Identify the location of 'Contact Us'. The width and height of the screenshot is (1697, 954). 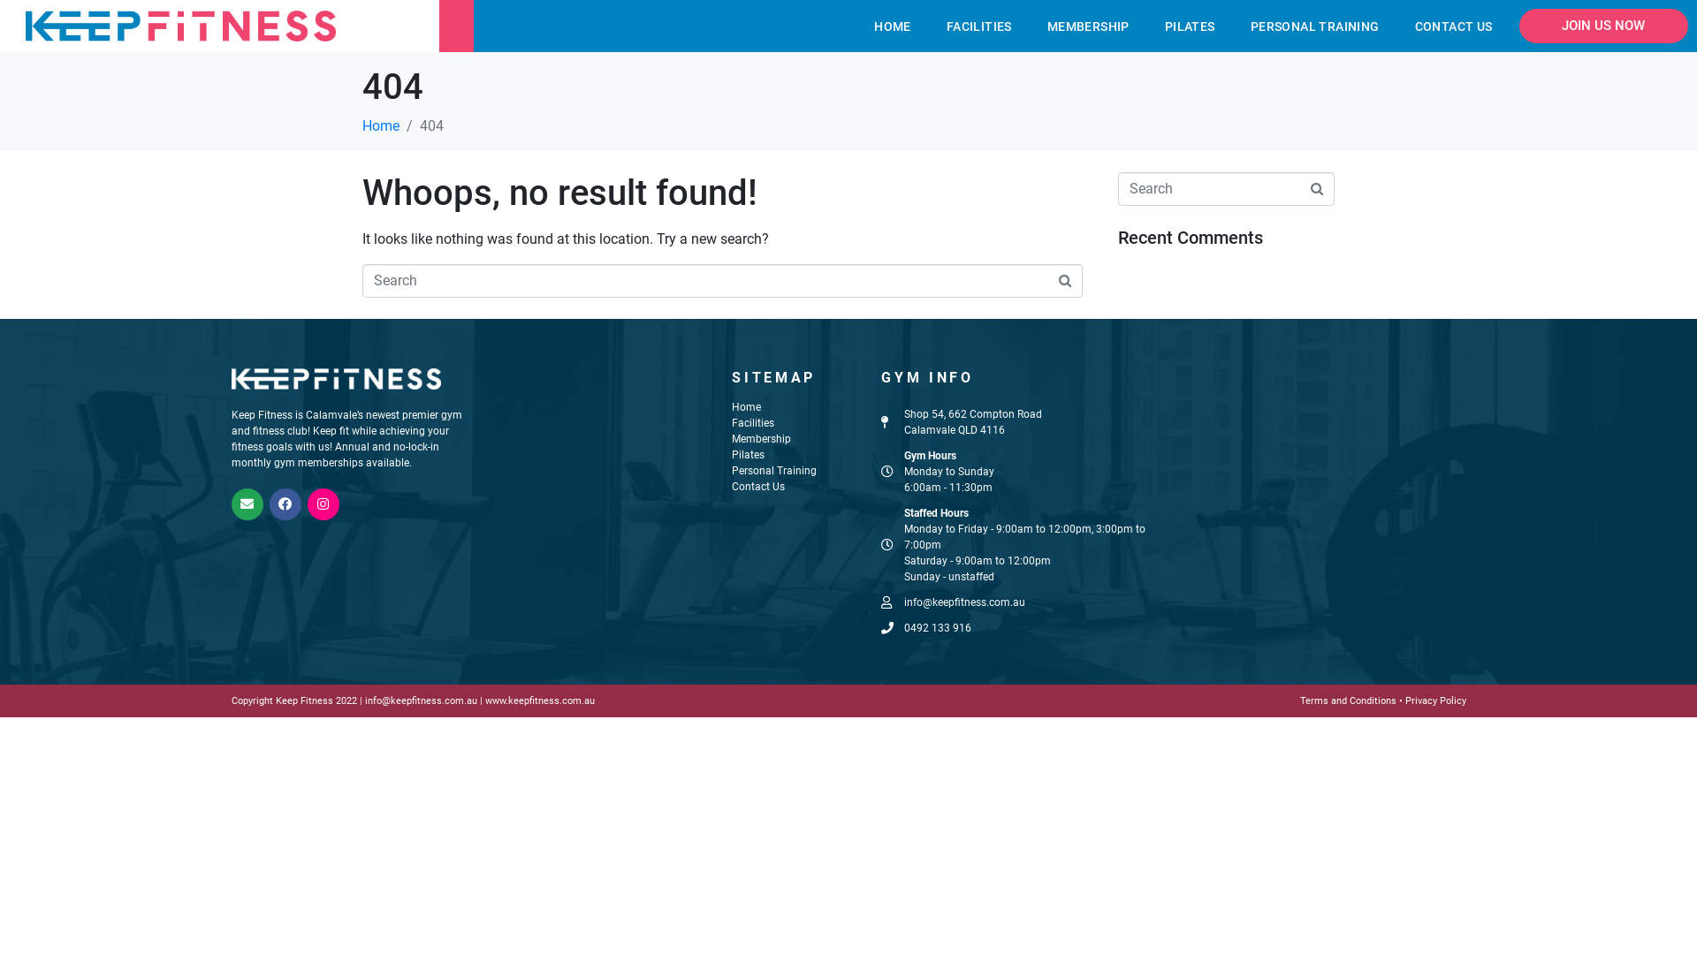
(758, 487).